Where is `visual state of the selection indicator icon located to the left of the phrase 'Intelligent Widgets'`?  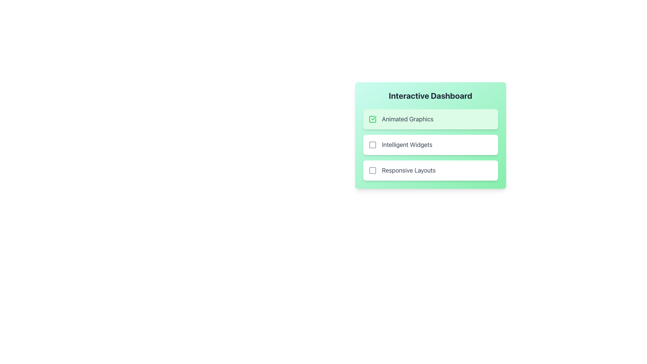 visual state of the selection indicator icon located to the left of the phrase 'Intelligent Widgets' is located at coordinates (372, 144).